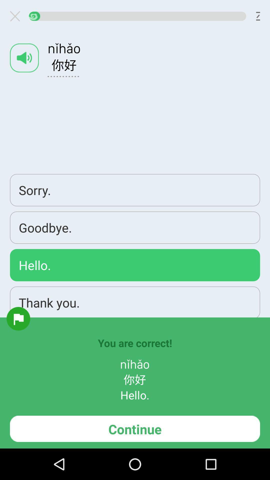 Image resolution: width=270 pixels, height=480 pixels. Describe the element at coordinates (24, 62) in the screenshot. I see `the volume icon` at that location.